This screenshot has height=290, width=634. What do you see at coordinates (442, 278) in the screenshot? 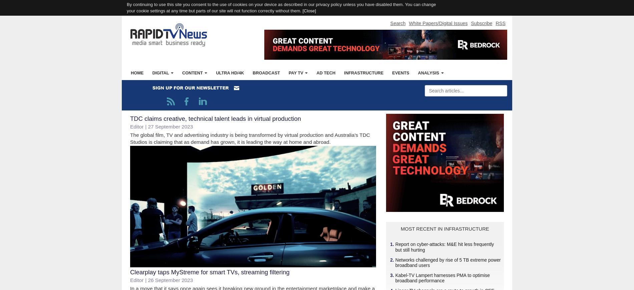
I see `'Kabel-TV Lampert harnesses PMA to optimise broadband performance'` at bounding box center [442, 278].